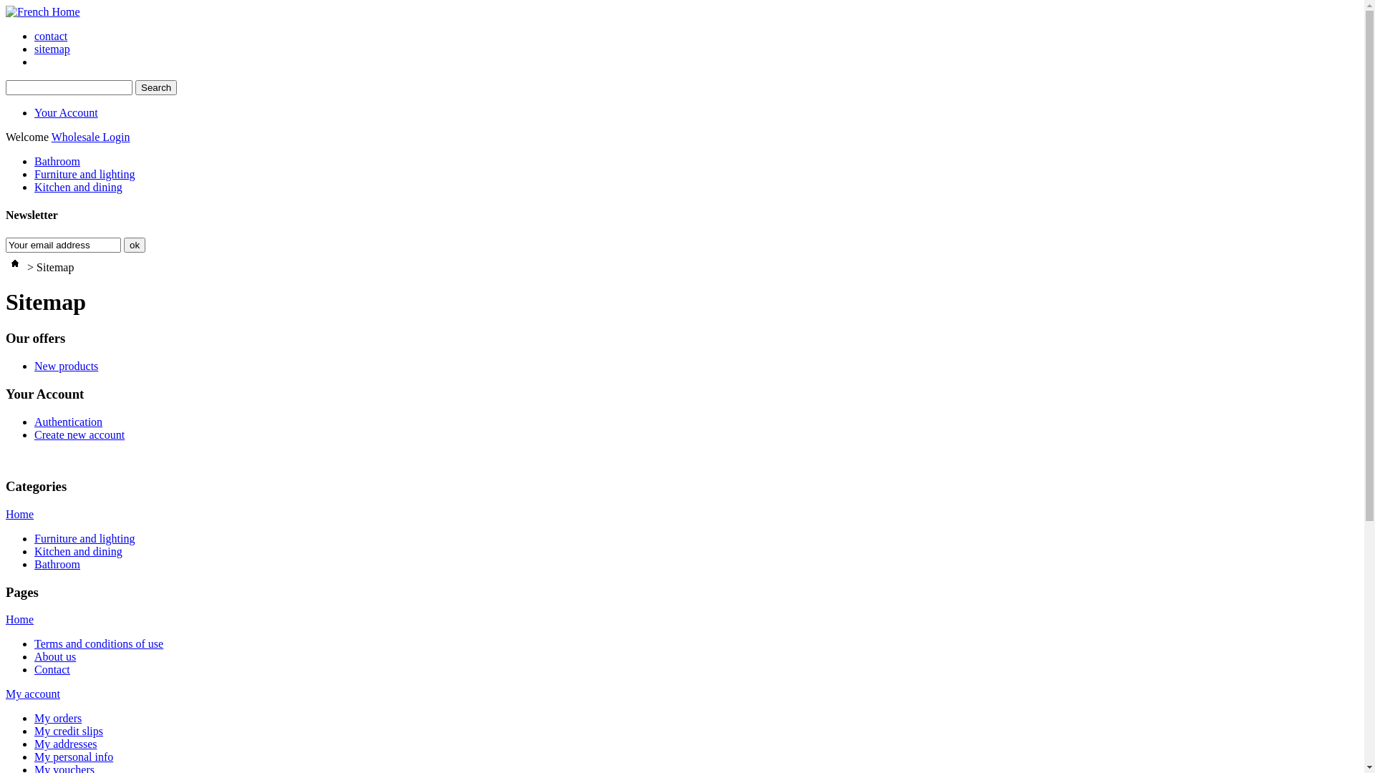  Describe the element at coordinates (54, 656) in the screenshot. I see `'About us'` at that location.